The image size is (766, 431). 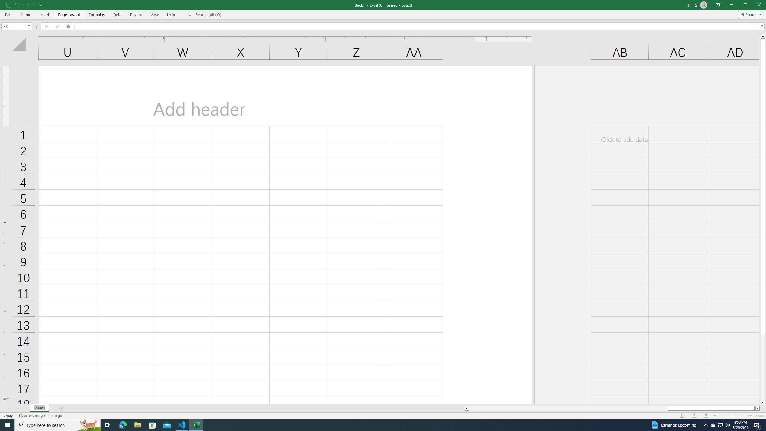 What do you see at coordinates (39, 408) in the screenshot?
I see `'Sheet Tab'` at bounding box center [39, 408].